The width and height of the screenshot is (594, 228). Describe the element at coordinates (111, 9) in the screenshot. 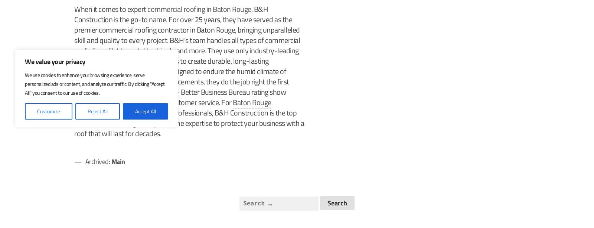

I see `'When it comes to expert'` at that location.